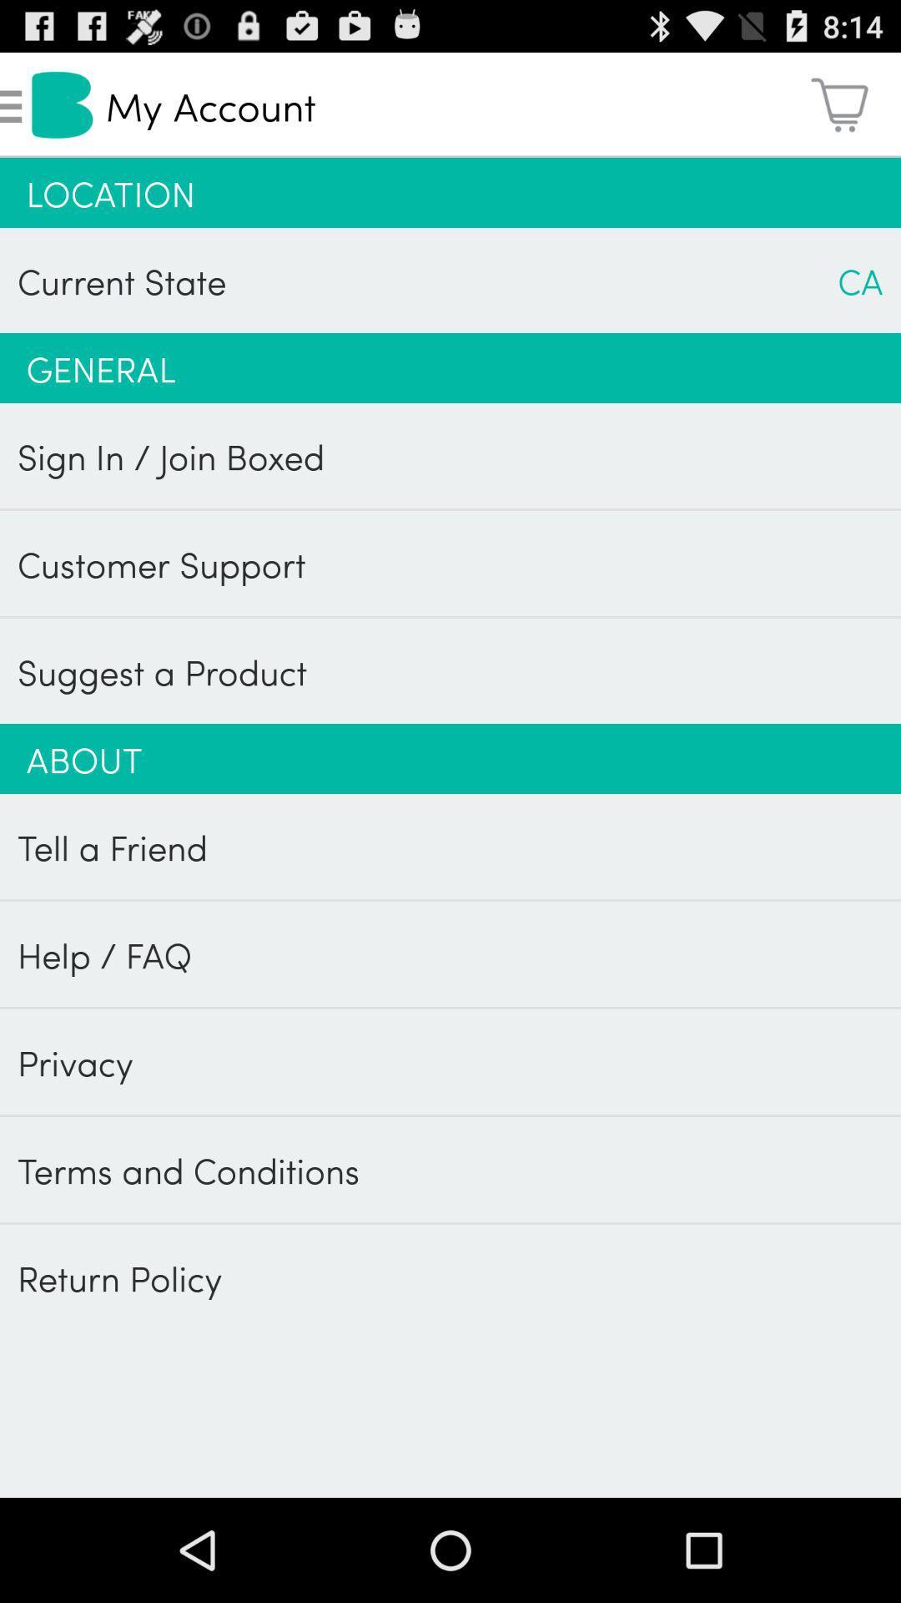  I want to click on icon above location, so click(839, 104).